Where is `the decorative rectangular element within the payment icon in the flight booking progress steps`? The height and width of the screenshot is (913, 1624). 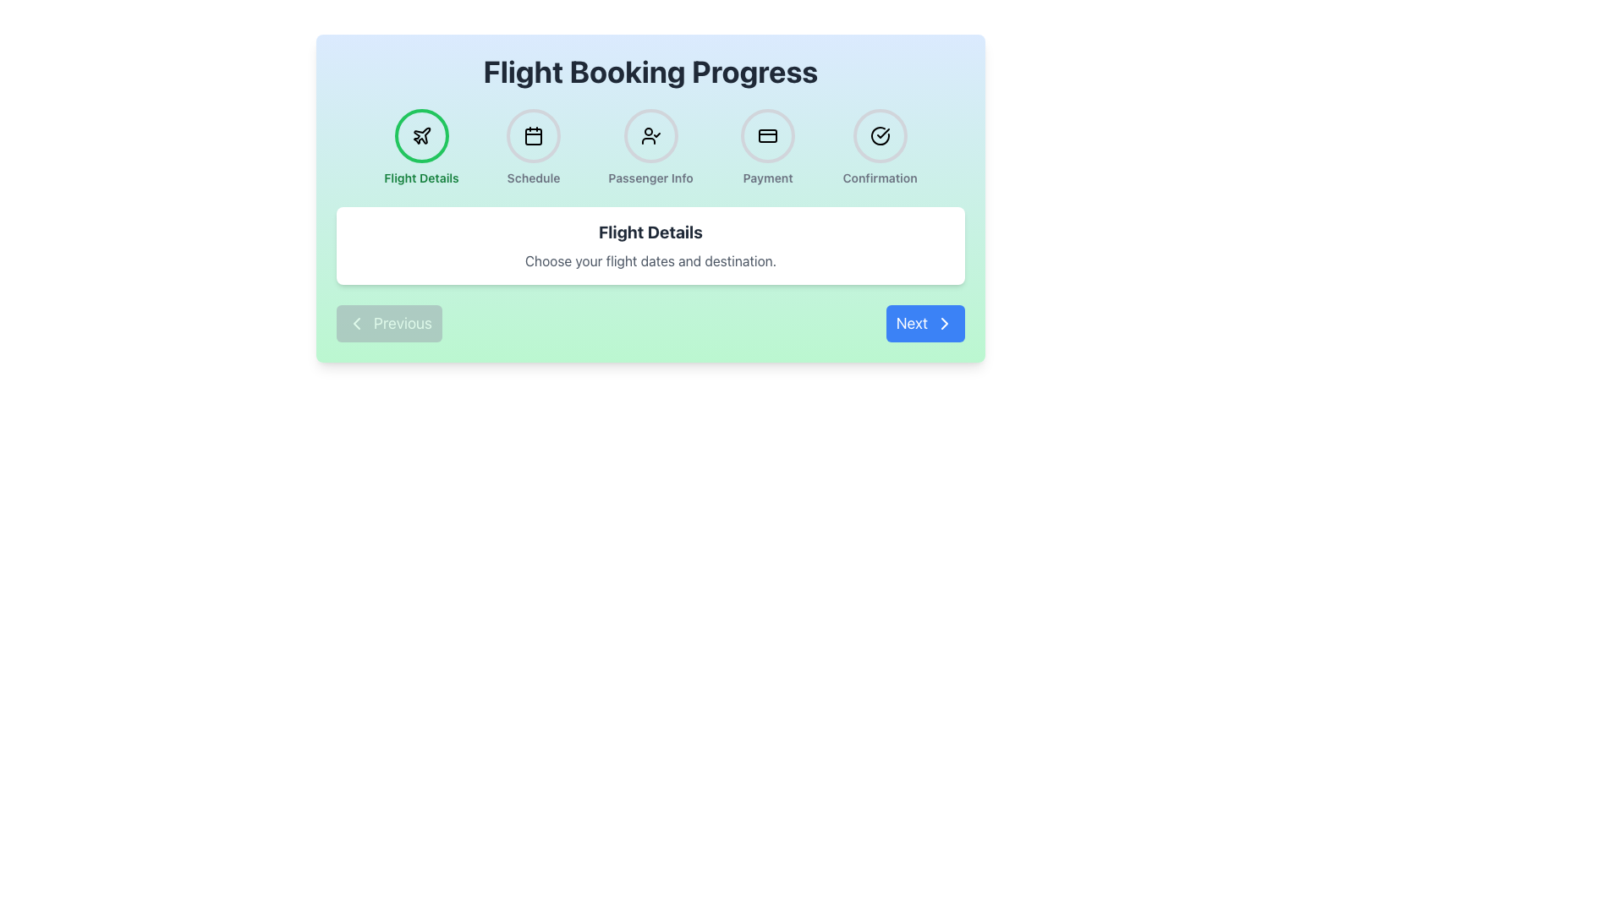
the decorative rectangular element within the payment icon in the flight booking progress steps is located at coordinates (767, 135).